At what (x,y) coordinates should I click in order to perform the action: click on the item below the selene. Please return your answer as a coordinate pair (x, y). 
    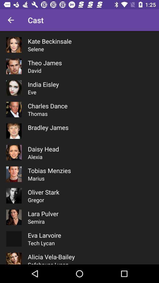
    Looking at the image, I should click on (44, 63).